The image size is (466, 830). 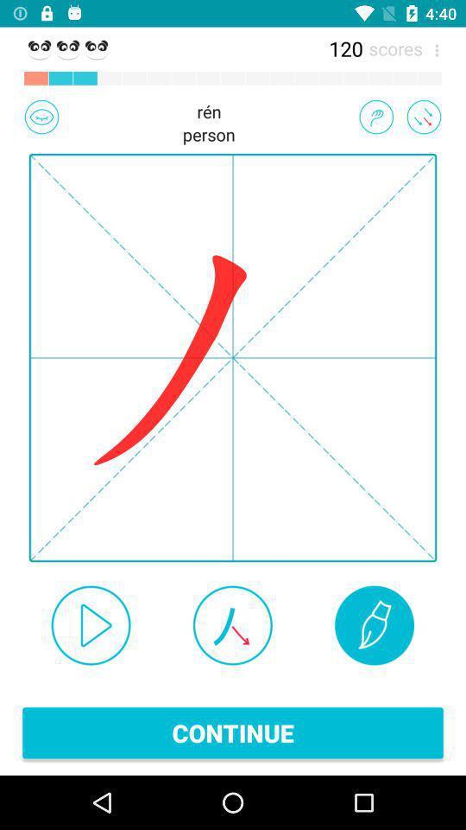 What do you see at coordinates (233, 731) in the screenshot?
I see `continue` at bounding box center [233, 731].